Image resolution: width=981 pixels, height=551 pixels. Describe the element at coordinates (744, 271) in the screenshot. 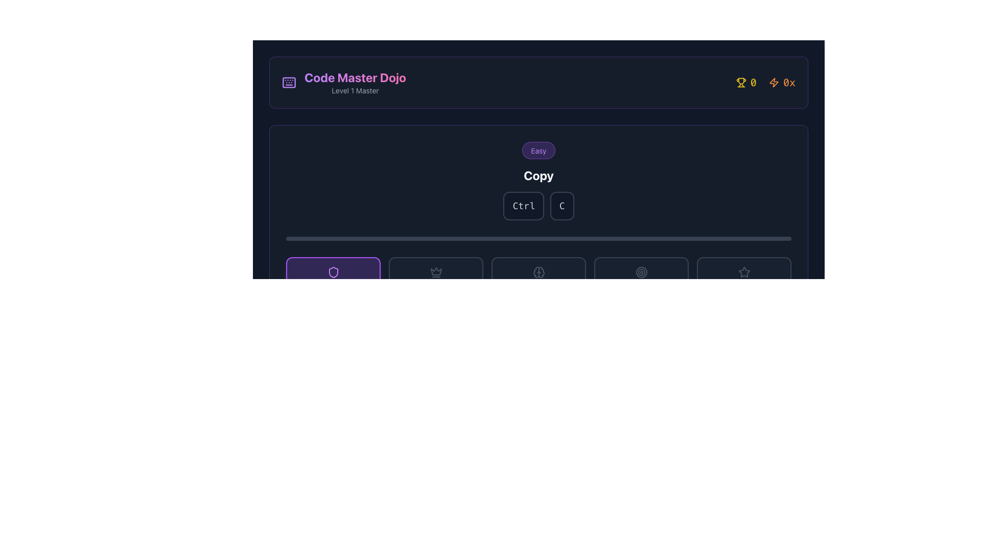

I see `the button representing a star icon located at the bottom right corner of a five-column grid layout, which is the fifth item in the row` at that location.